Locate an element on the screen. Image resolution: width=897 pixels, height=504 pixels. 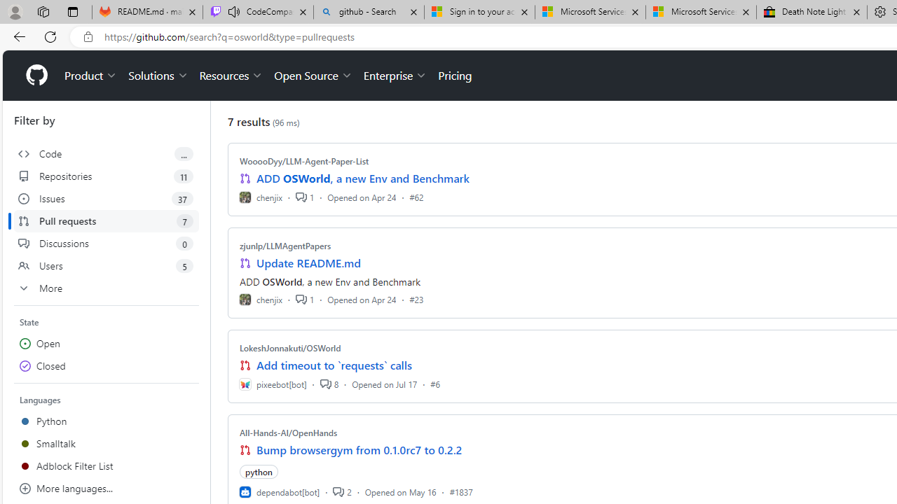
'Homepage' is located at coordinates (36, 76).